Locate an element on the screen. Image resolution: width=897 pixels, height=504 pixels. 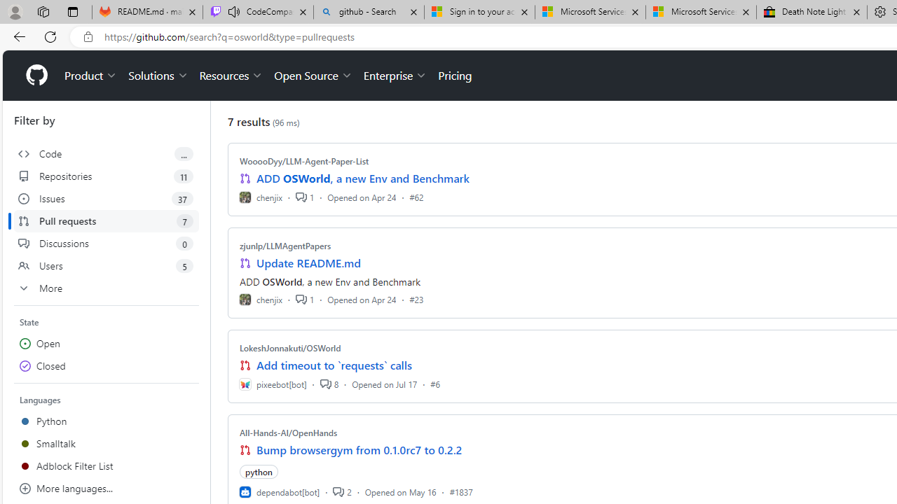
'Homepage' is located at coordinates (36, 76).